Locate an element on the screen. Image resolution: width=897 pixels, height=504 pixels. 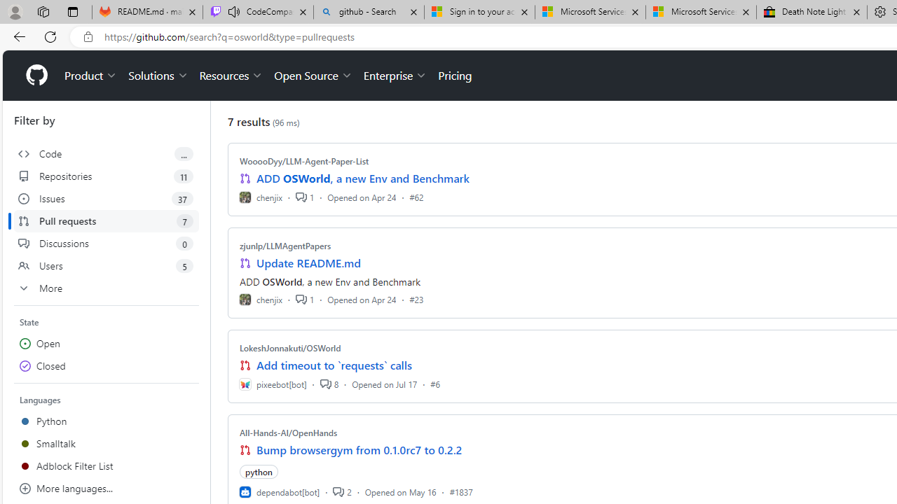
'Homepage' is located at coordinates (36, 76).